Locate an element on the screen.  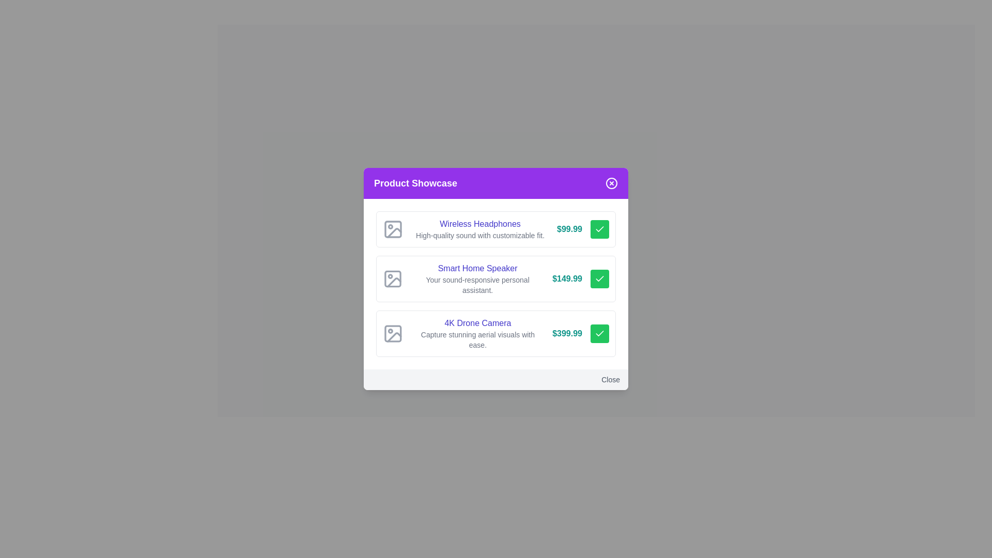
the background frame element within the SVG icon that precedes the text 'Wireless Headphones' in the Product Showcase list is located at coordinates (393, 228).